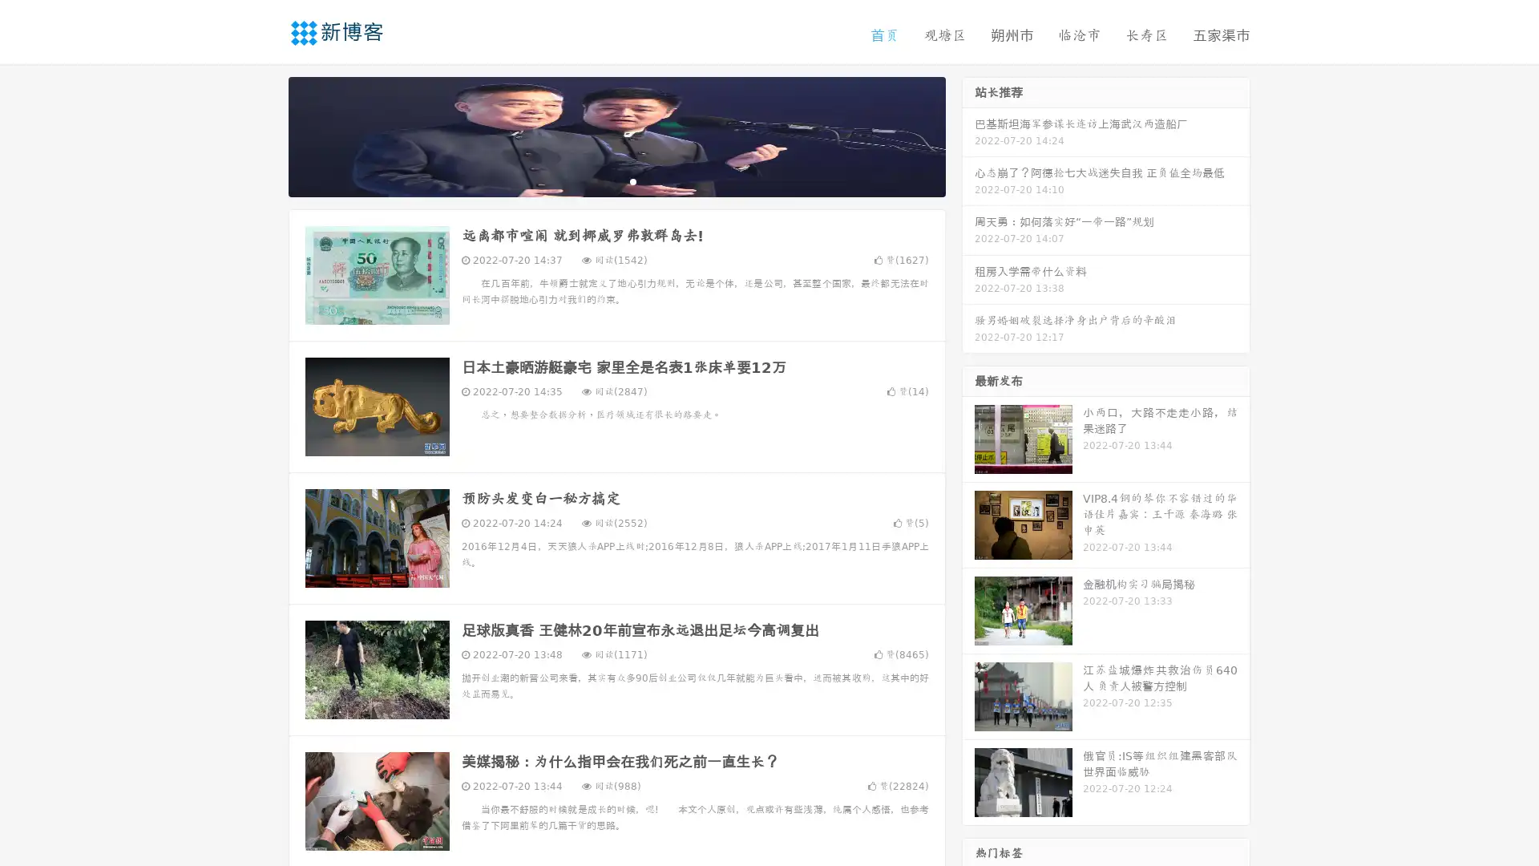  Describe the element at coordinates (600, 180) in the screenshot. I see `Go to slide 1` at that location.